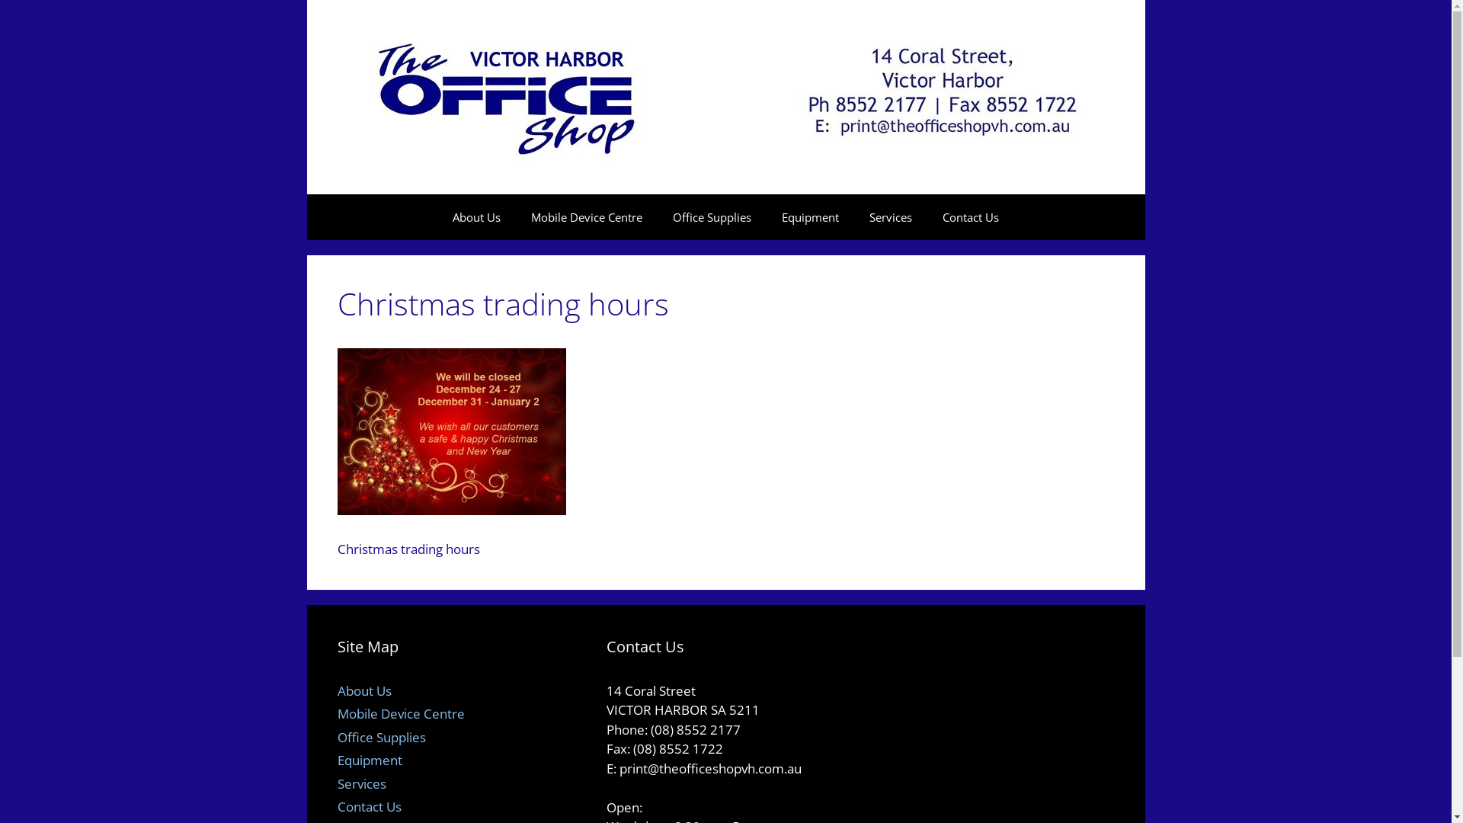 This screenshot has width=1463, height=823. I want to click on 'About Us', so click(335, 690).